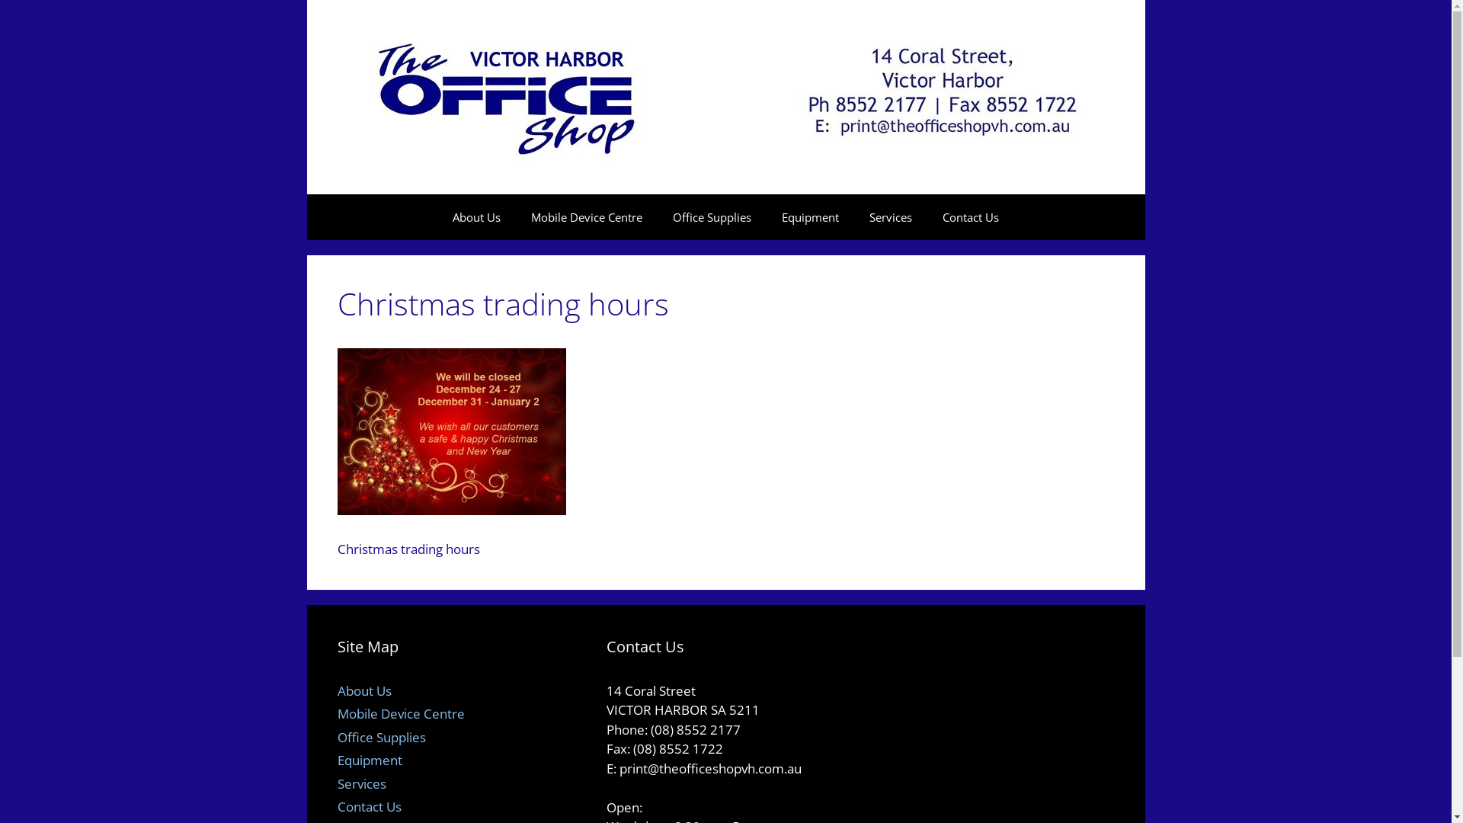 This screenshot has width=1463, height=823. I want to click on 'About Us', so click(335, 690).